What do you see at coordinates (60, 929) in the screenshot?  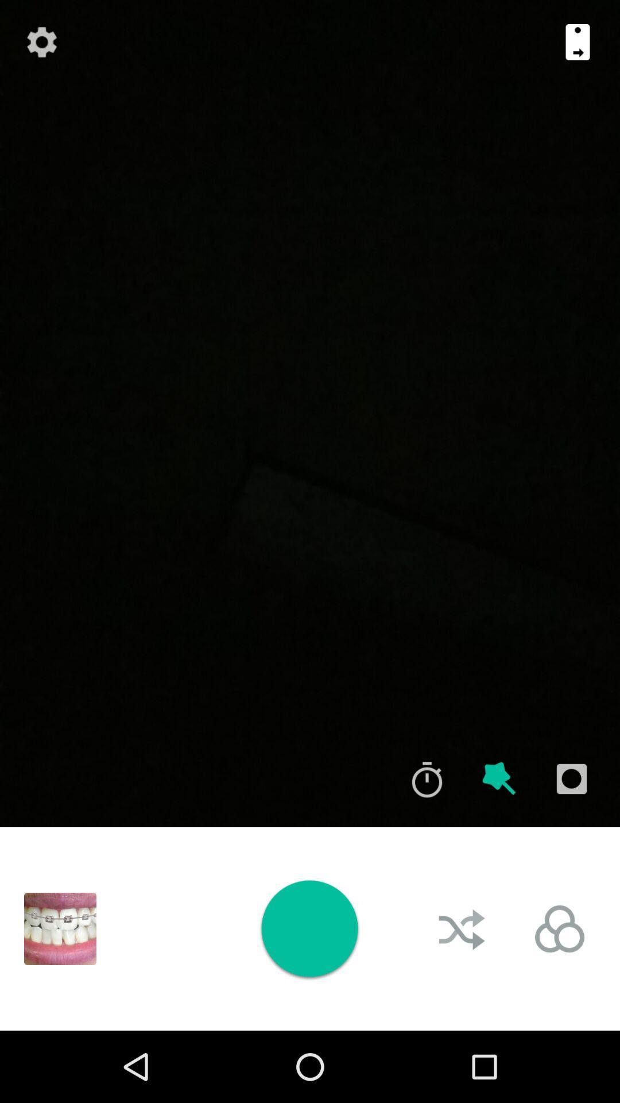 I see `black` at bounding box center [60, 929].